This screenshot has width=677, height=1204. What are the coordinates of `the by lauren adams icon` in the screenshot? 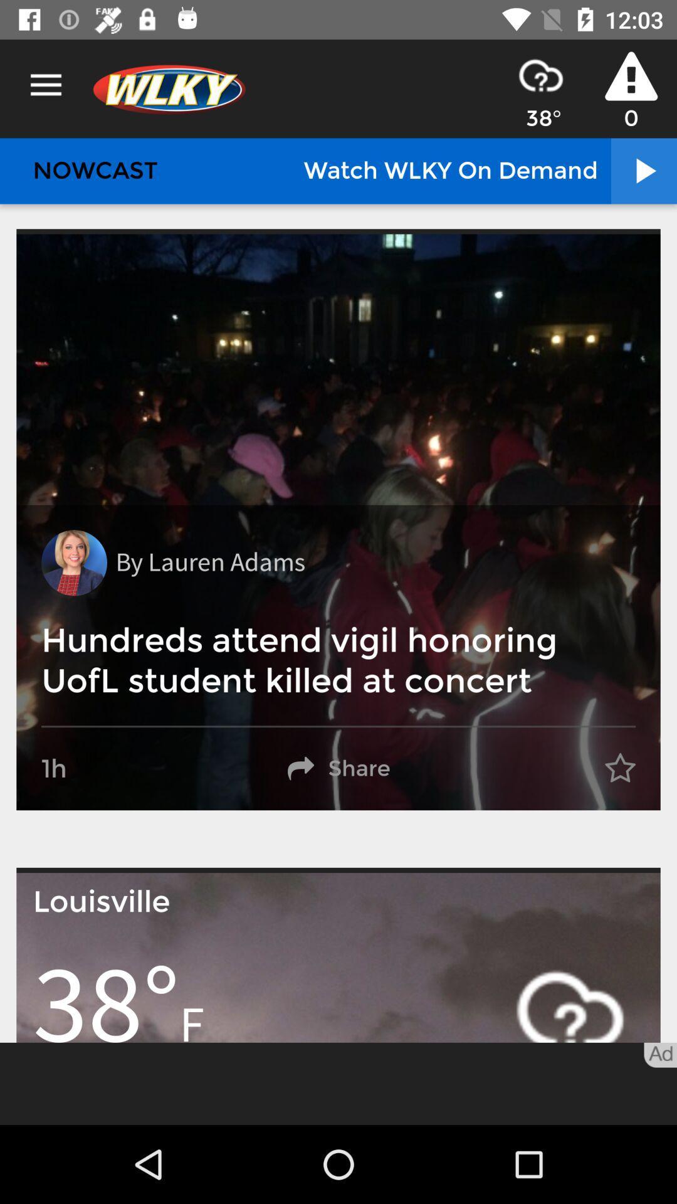 It's located at (209, 562).